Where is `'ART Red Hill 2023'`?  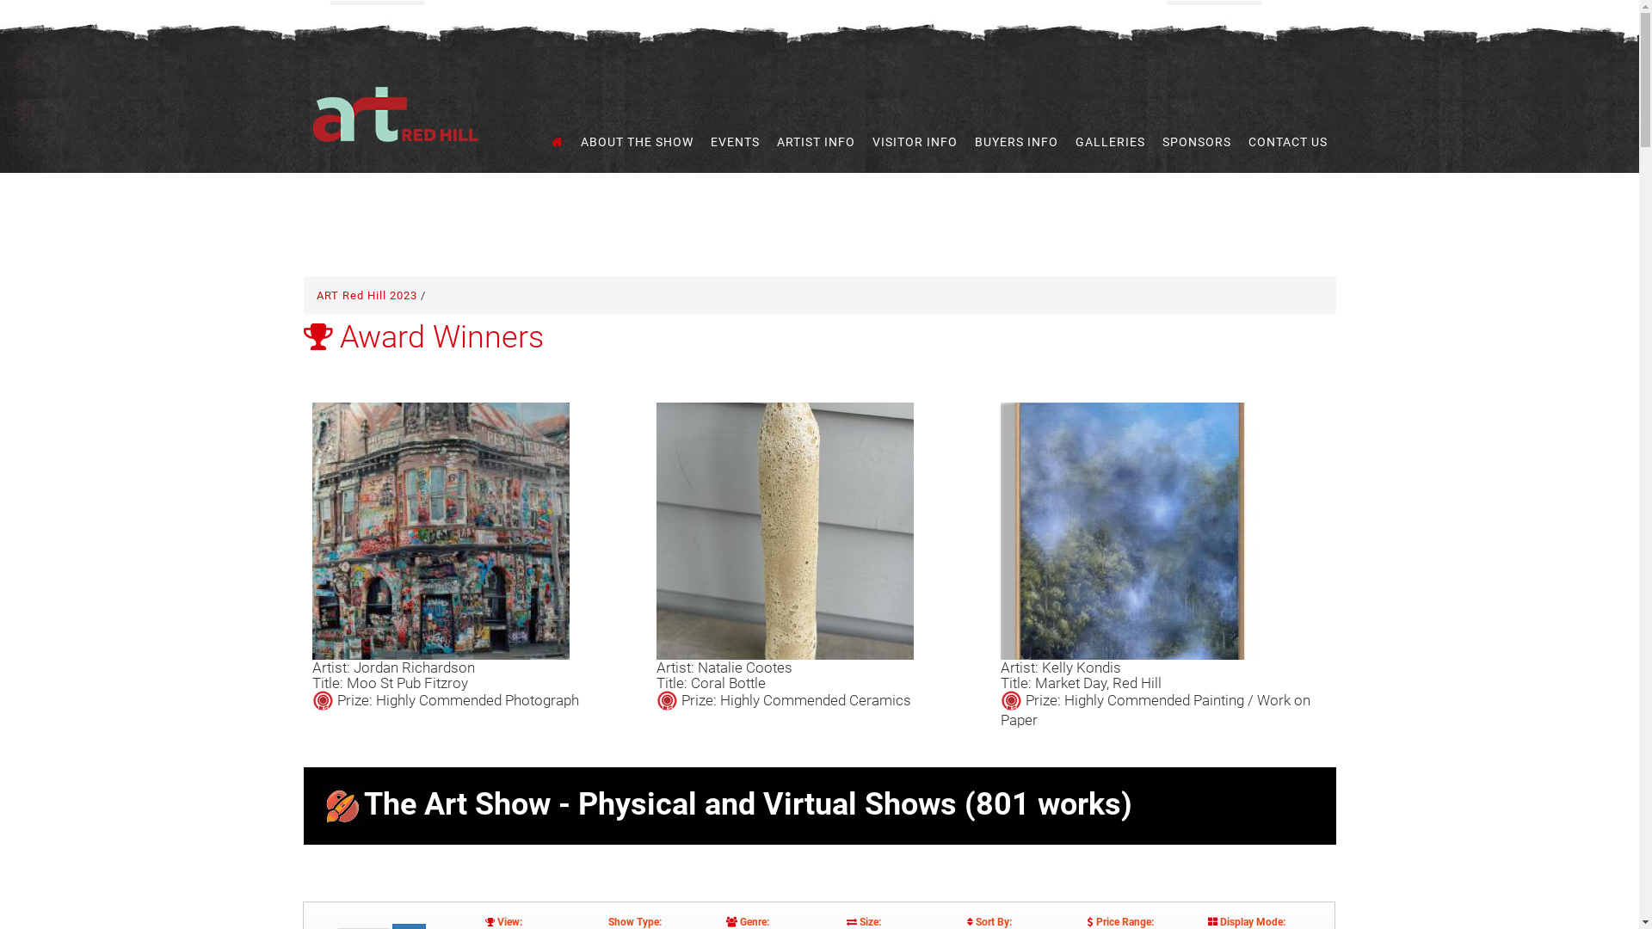
'ART Red Hill 2023' is located at coordinates (317, 294).